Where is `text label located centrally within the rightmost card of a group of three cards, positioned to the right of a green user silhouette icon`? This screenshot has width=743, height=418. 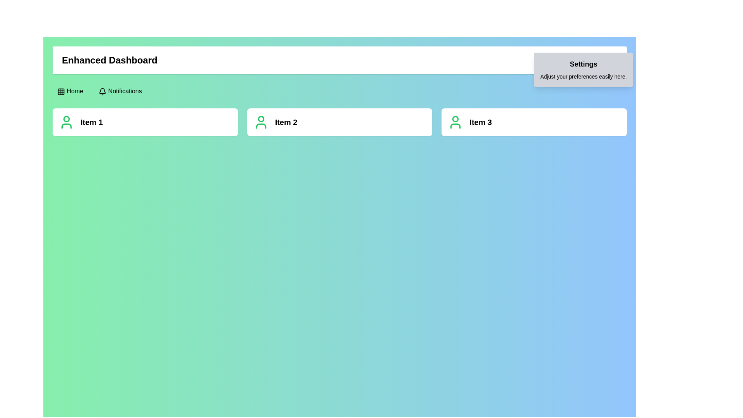 text label located centrally within the rightmost card of a group of three cards, positioned to the right of a green user silhouette icon is located at coordinates (480, 122).